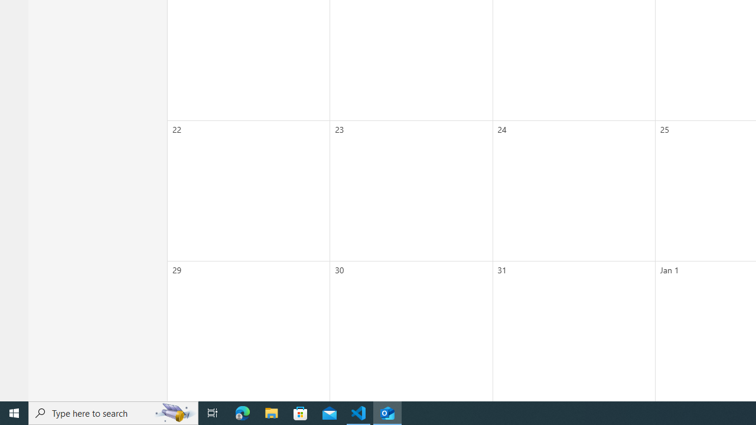 This screenshot has height=425, width=756. What do you see at coordinates (174, 412) in the screenshot?
I see `'Search highlights icon opens search home window'` at bounding box center [174, 412].